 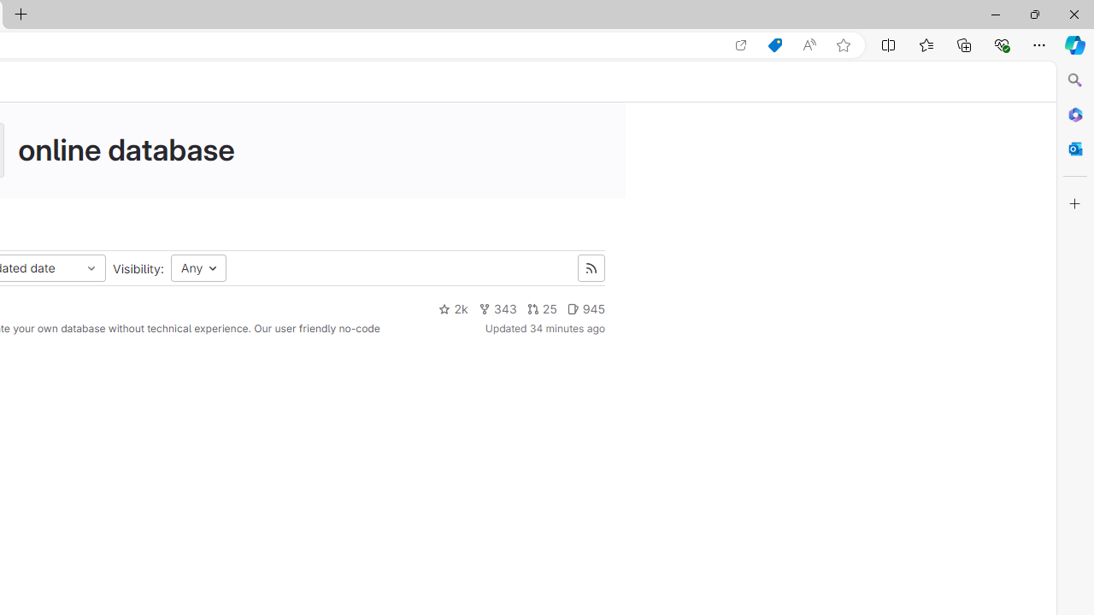 I want to click on '343', so click(x=497, y=309).